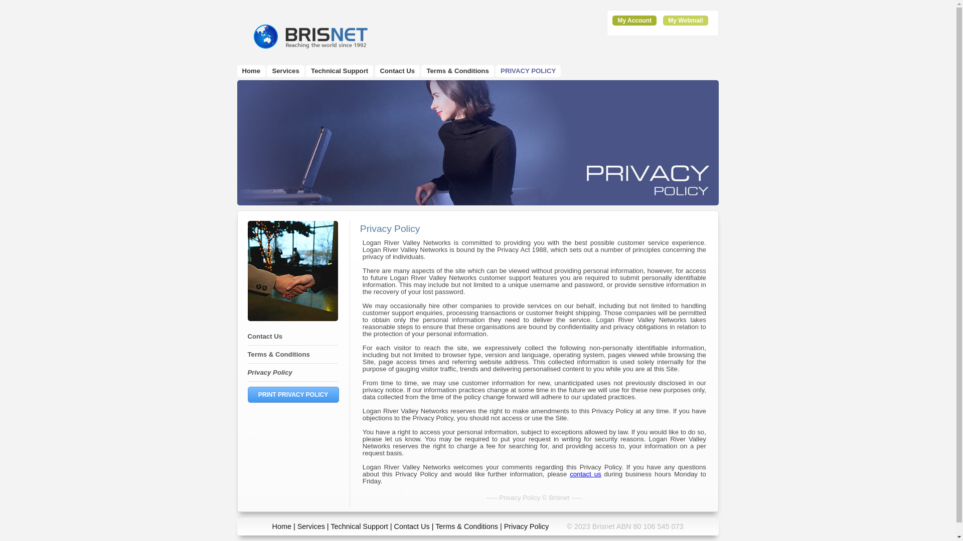  I want to click on 'Terms & Conditions', so click(457, 70).